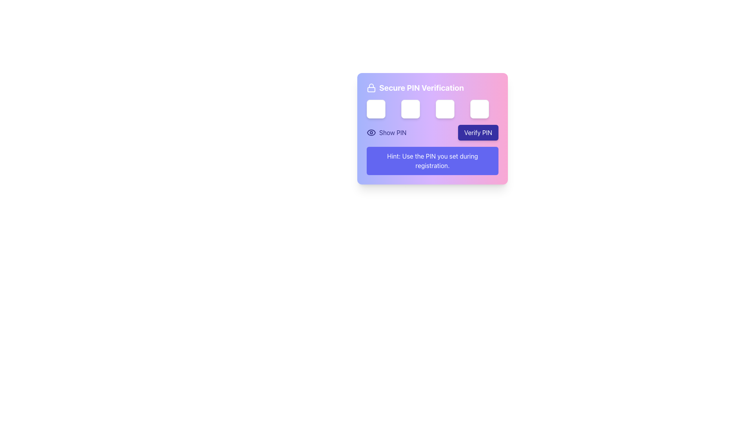 The height and width of the screenshot is (424, 753). What do you see at coordinates (432, 160) in the screenshot?
I see `hint text displayed in the blue-purple rectangular text block below the 'Verify PIN' button, which states: 'Hint: Use the PIN you set during registration.'` at bounding box center [432, 160].